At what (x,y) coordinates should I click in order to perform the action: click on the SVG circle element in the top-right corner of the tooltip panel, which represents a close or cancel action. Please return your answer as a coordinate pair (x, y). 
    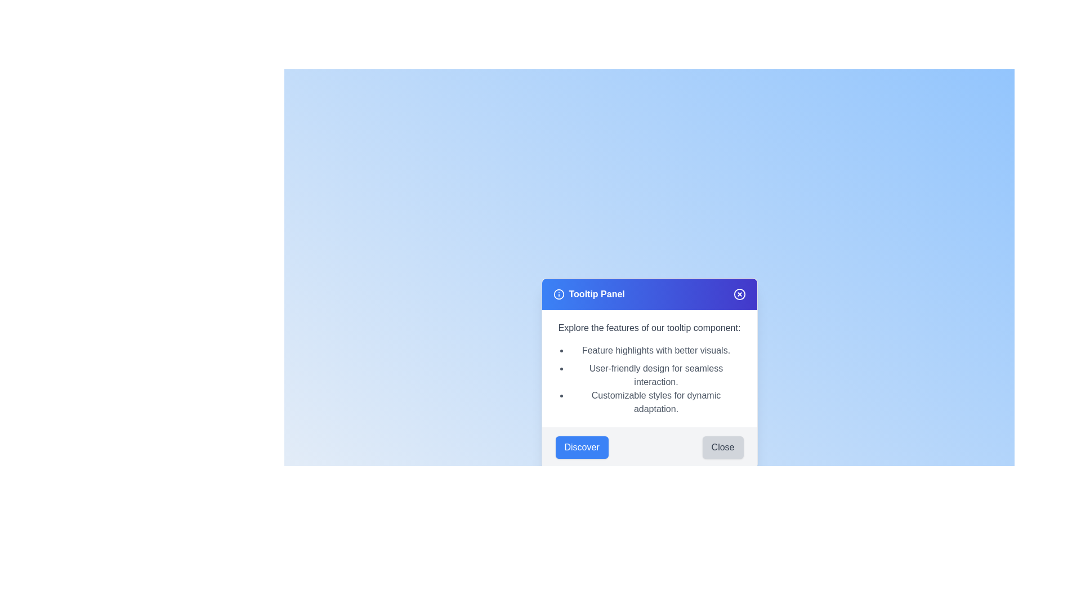
    Looking at the image, I should click on (739, 294).